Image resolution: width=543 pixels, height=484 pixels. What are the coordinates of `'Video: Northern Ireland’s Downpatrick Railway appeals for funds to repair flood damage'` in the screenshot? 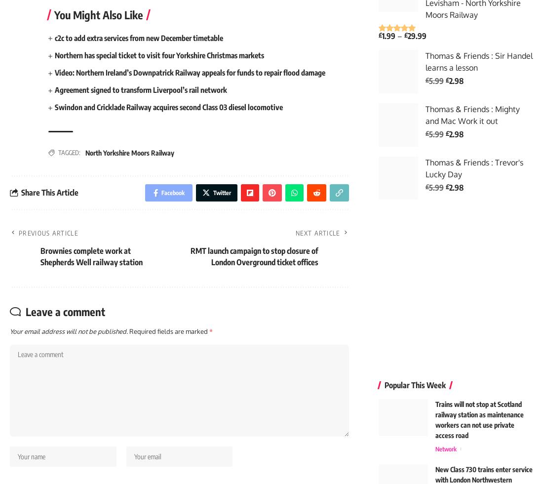 It's located at (198, 75).